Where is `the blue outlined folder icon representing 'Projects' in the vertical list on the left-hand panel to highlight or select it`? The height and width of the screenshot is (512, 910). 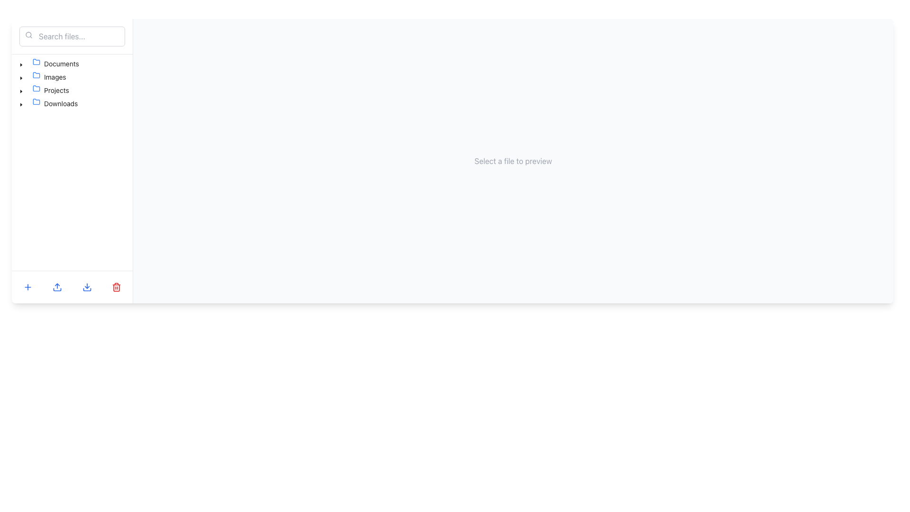 the blue outlined folder icon representing 'Projects' in the vertical list on the left-hand panel to highlight or select it is located at coordinates (36, 88).